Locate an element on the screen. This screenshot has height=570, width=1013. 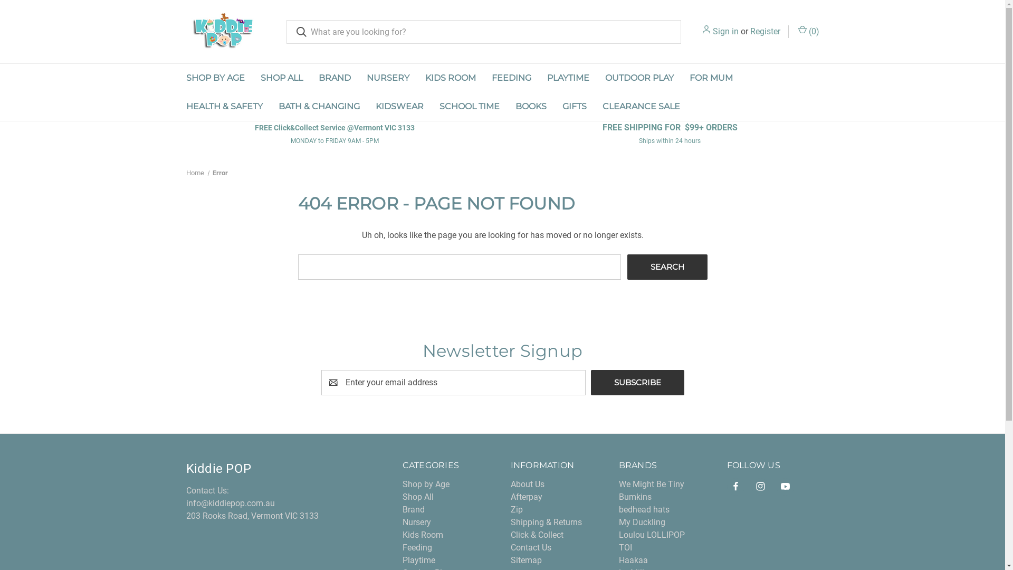
'Brand' is located at coordinates (402, 509).